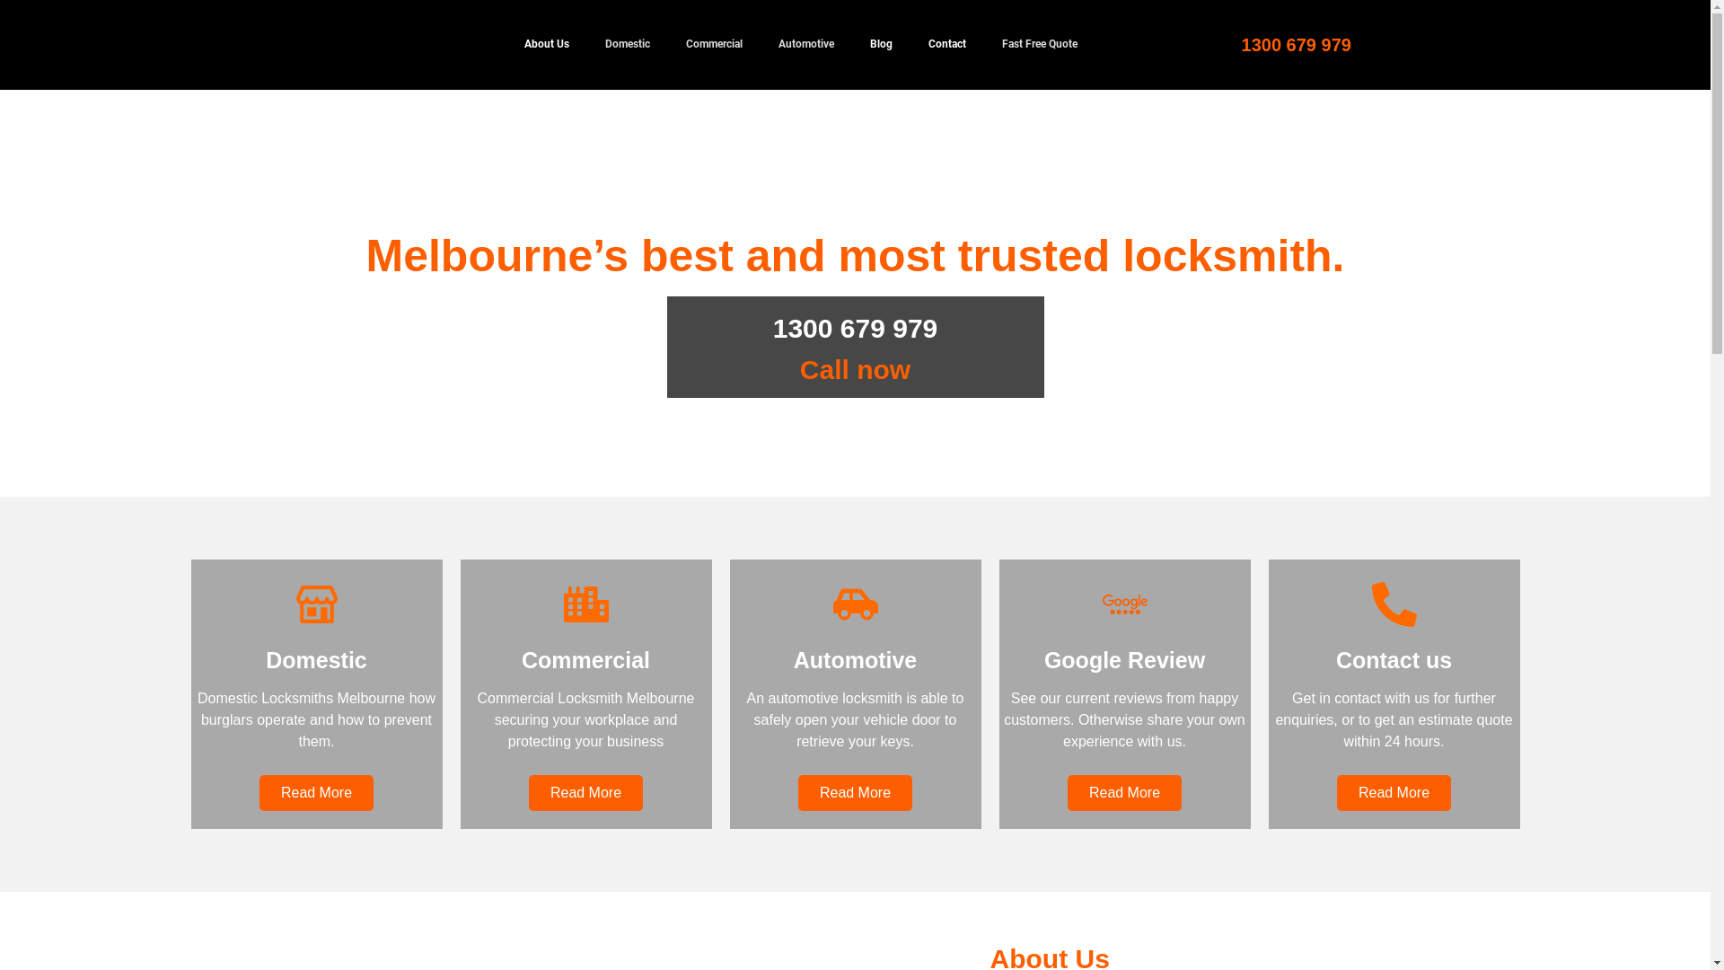 This screenshot has width=1724, height=970. What do you see at coordinates (1039, 44) in the screenshot?
I see `'Fast Free Quote'` at bounding box center [1039, 44].